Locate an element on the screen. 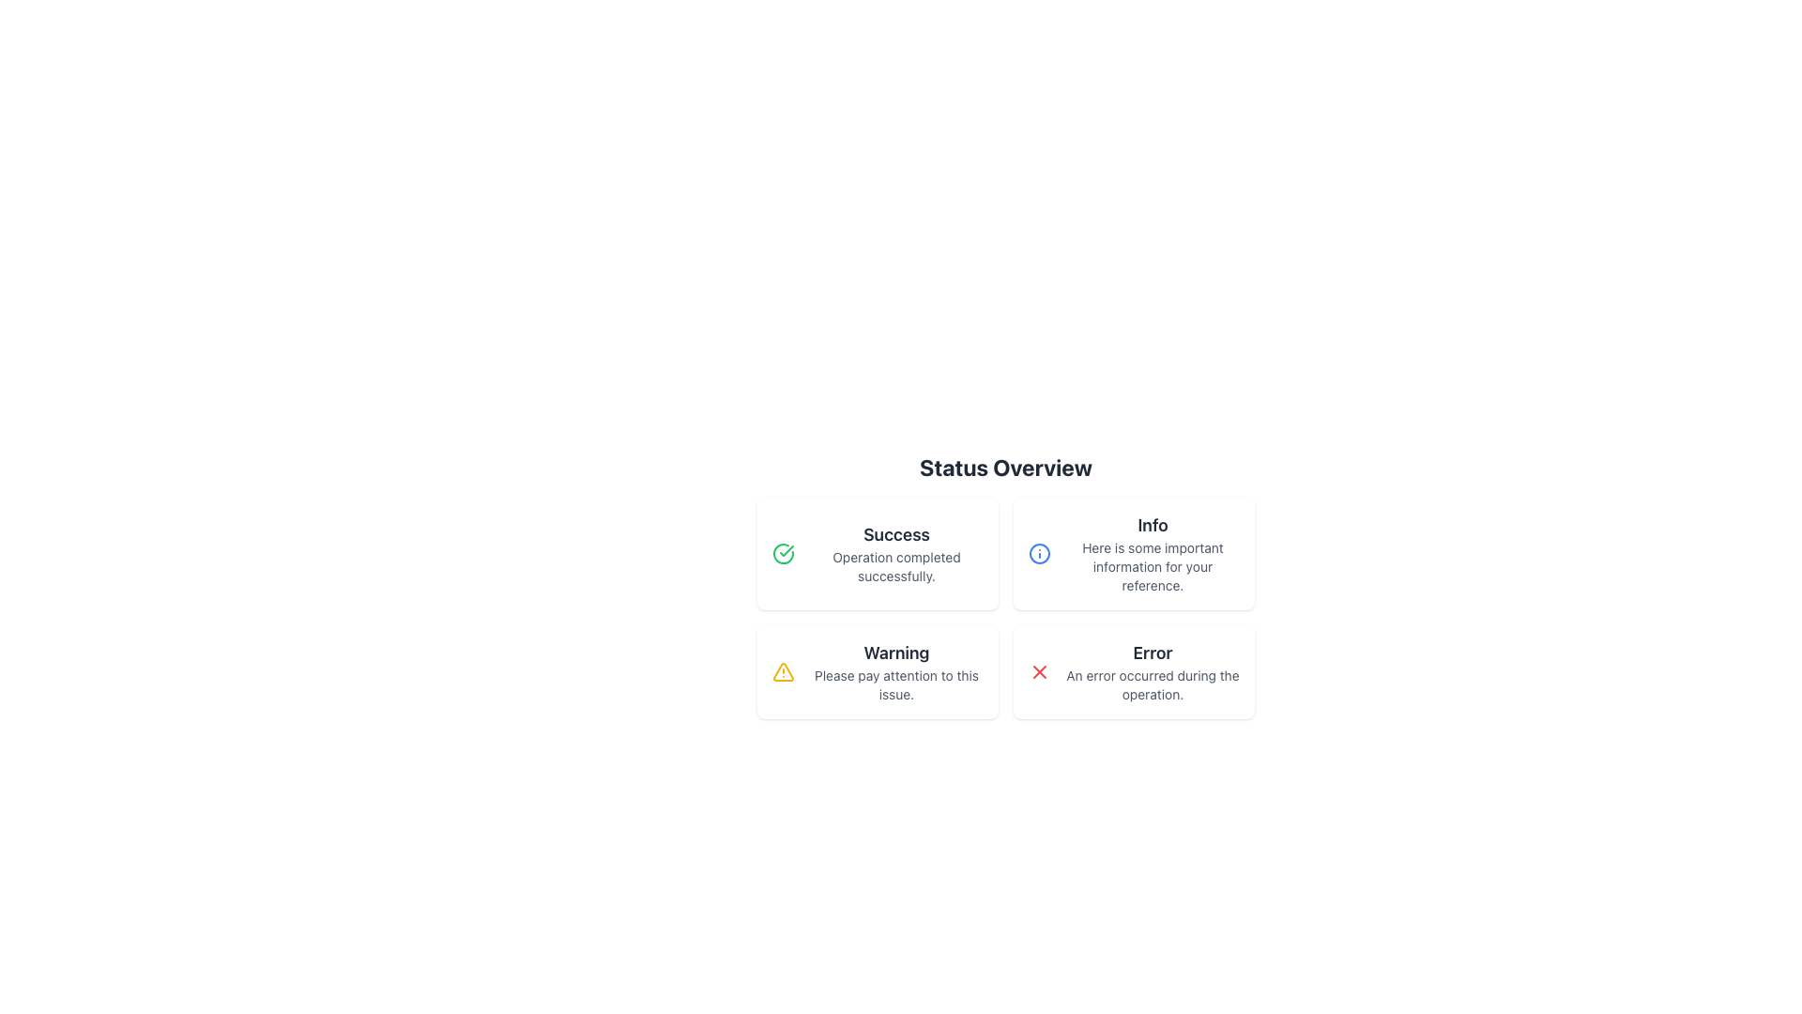 Image resolution: width=1802 pixels, height=1014 pixels. the Text Label located below the bold heading 'Info' in the top-right quadrant of the grid layout, styled in a smaller gray font is located at coordinates (1152, 566).